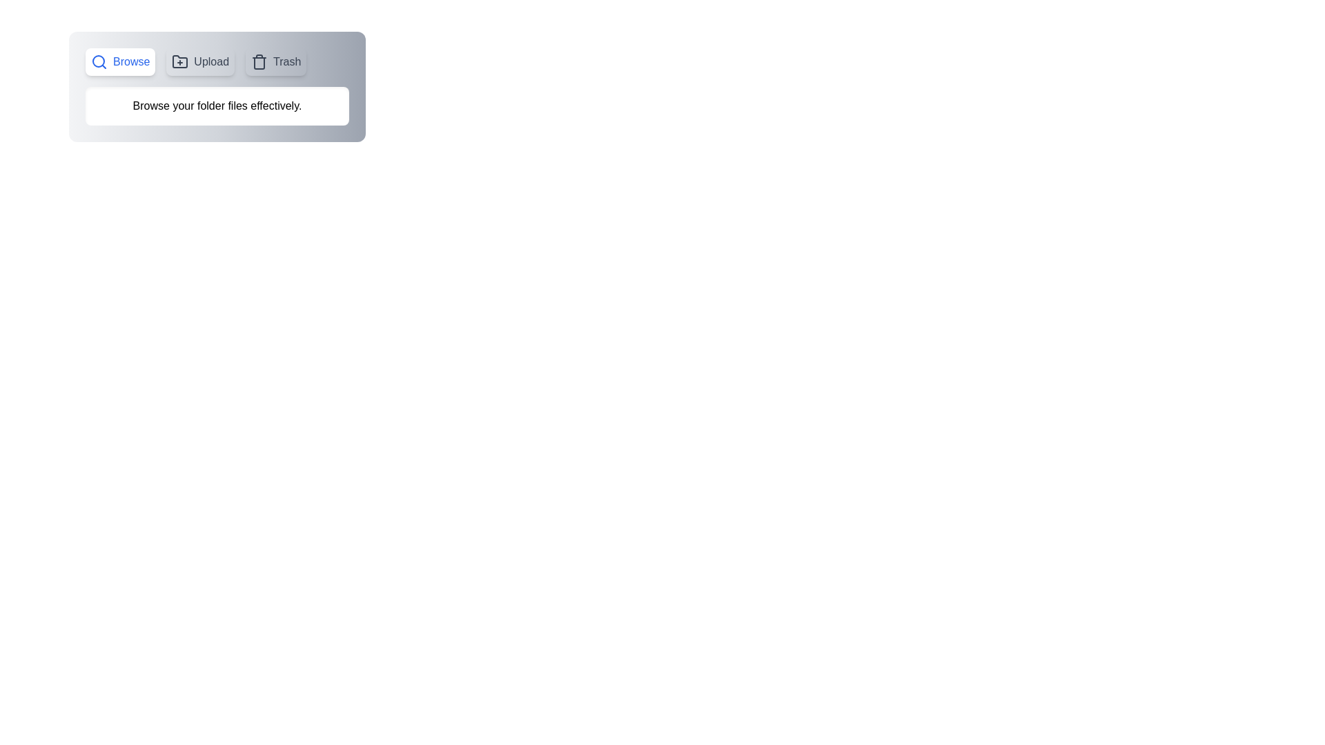 The width and height of the screenshot is (1325, 745). What do you see at coordinates (199, 61) in the screenshot?
I see `the Upload tab` at bounding box center [199, 61].